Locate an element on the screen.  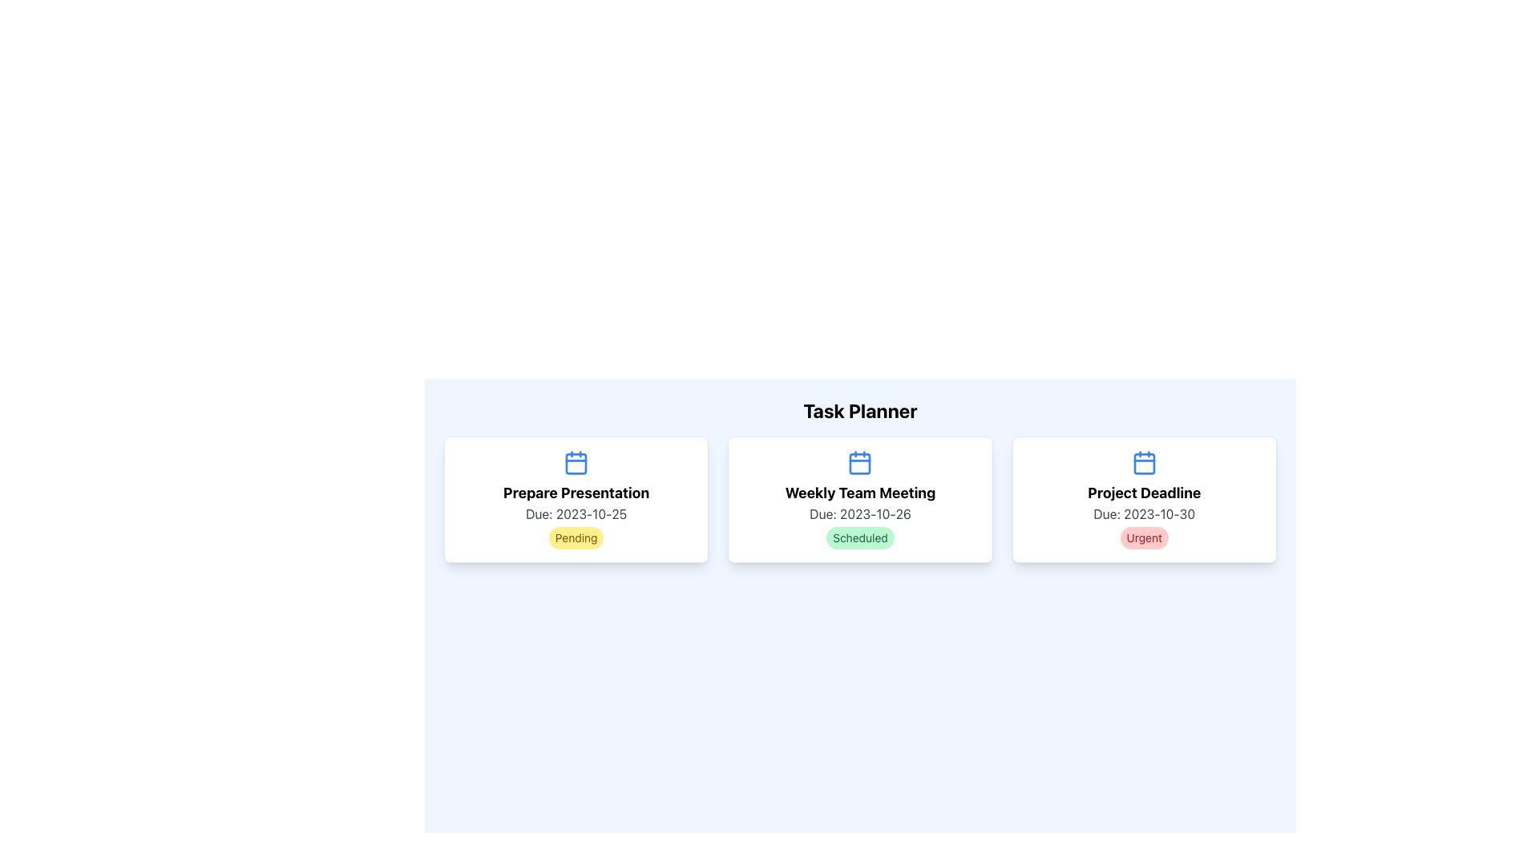
the 'Weekly Team Meeting' task card, which is the second card in a row of three, showing the due date '2023-10-26' and status 'Scheduled' is located at coordinates (859, 499).